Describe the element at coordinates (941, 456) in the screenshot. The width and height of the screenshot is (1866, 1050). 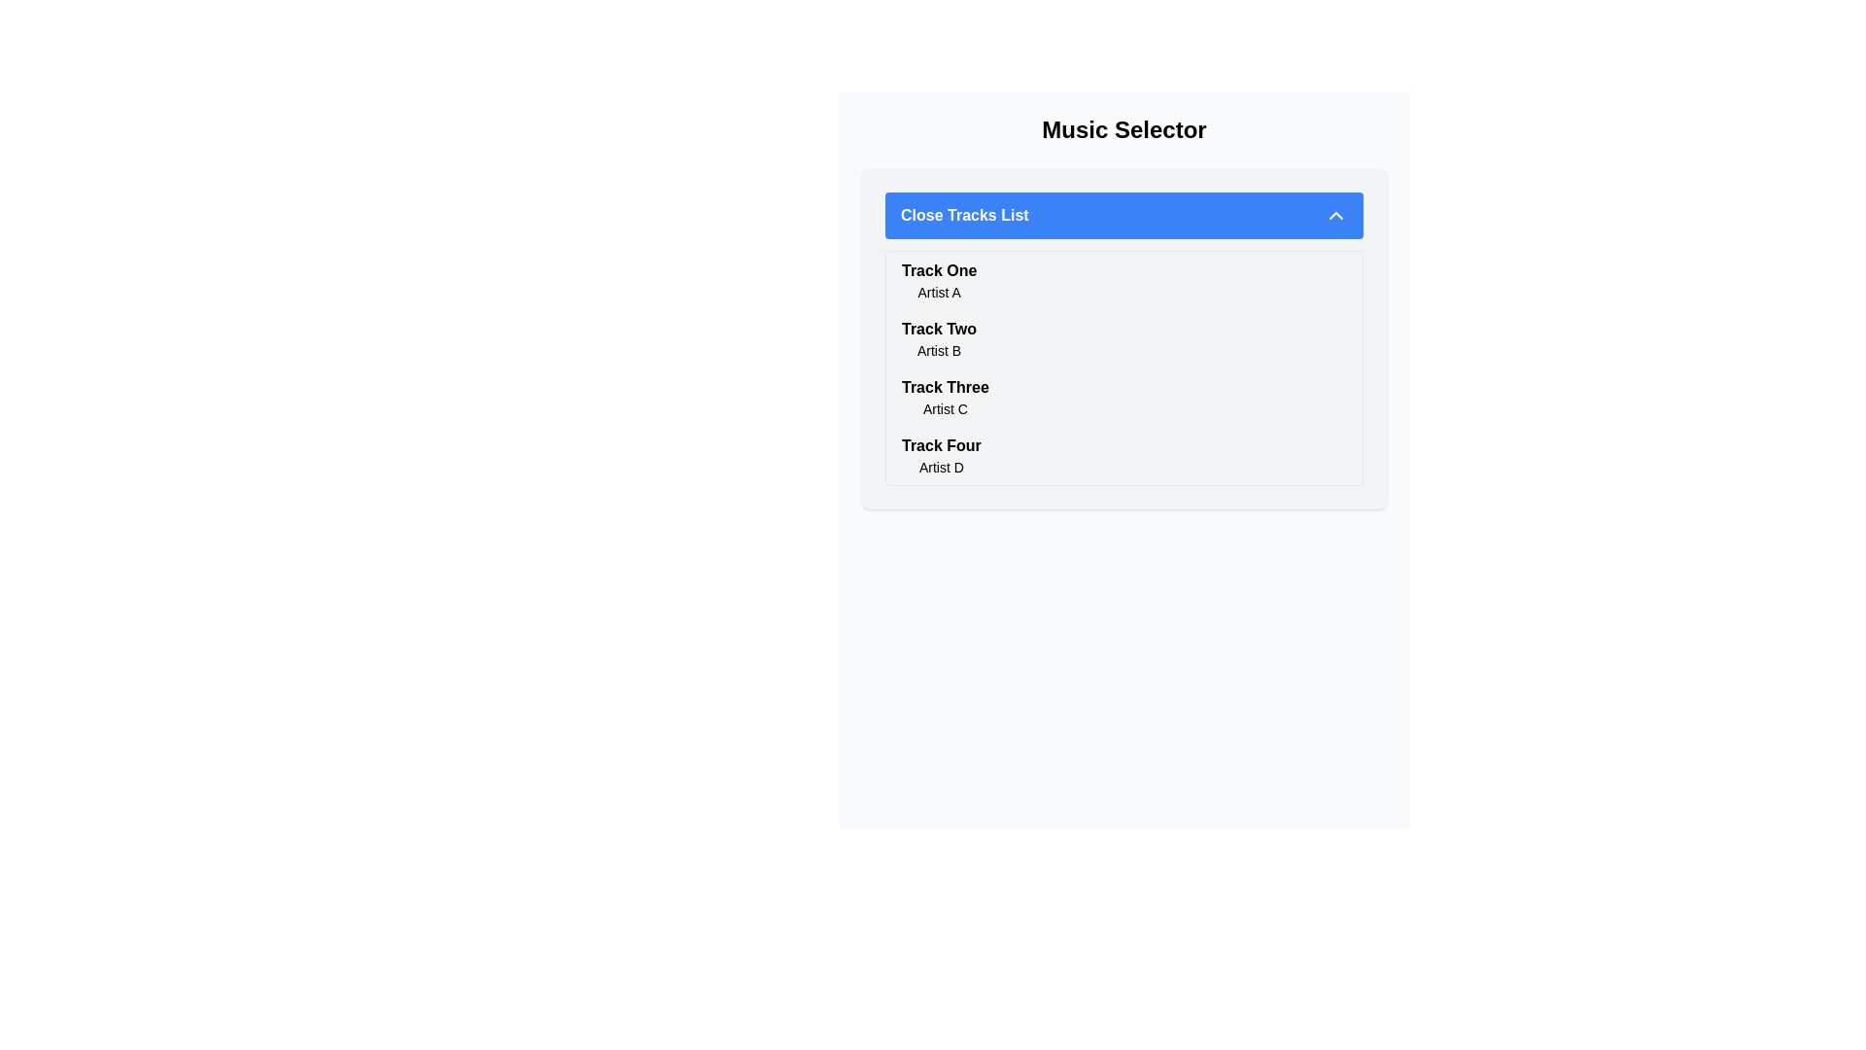
I see `the text label displaying information about the last music track and its artist` at that location.